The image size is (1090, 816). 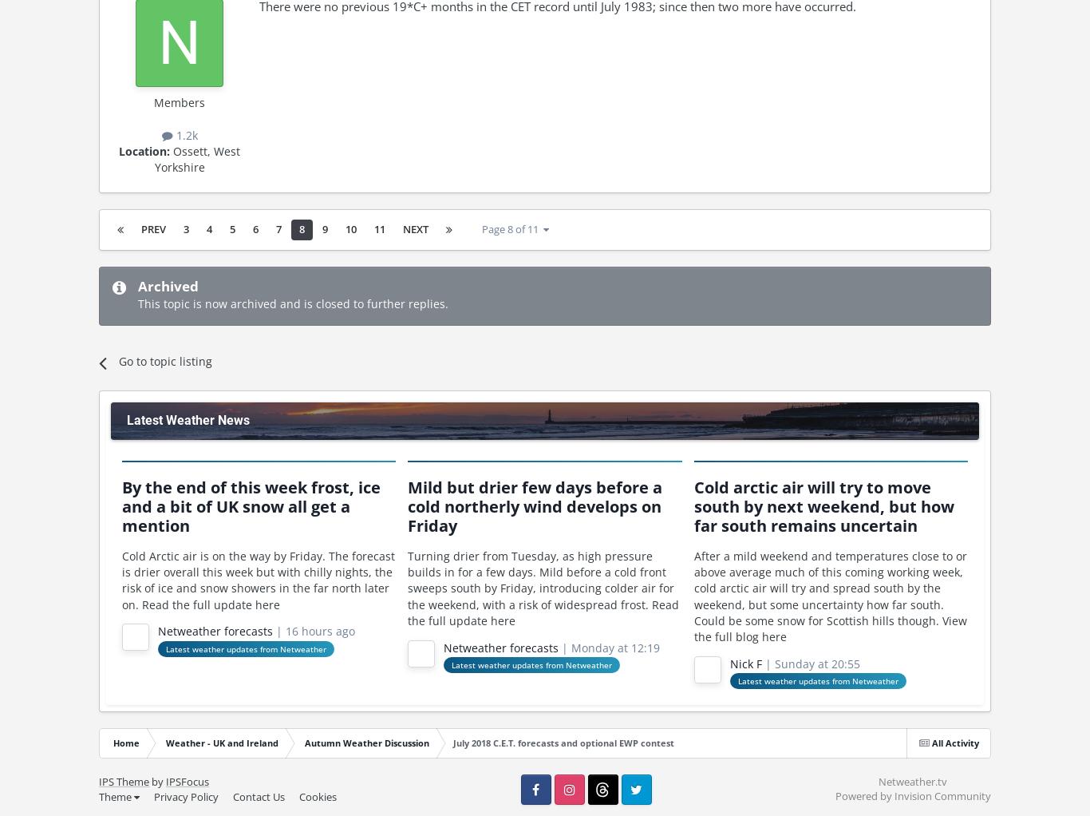 What do you see at coordinates (534, 506) in the screenshot?
I see `'Mild but drier few days before a cold northerly wind develops on Friday'` at bounding box center [534, 506].